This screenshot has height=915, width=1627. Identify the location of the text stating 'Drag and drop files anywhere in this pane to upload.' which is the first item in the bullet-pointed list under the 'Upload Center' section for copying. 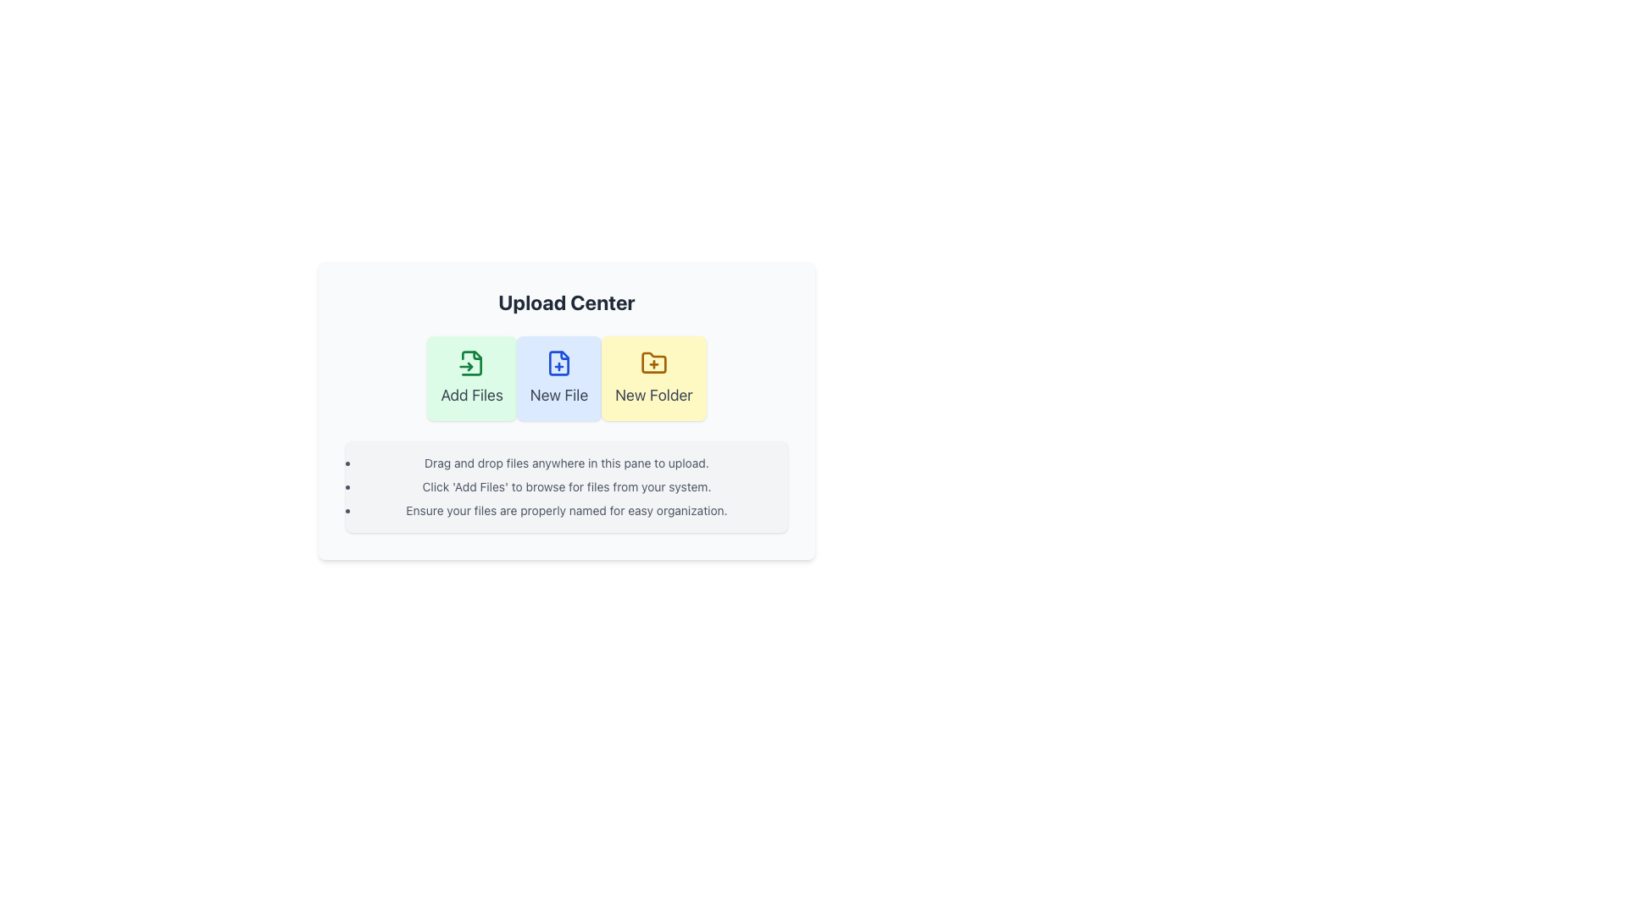
(566, 463).